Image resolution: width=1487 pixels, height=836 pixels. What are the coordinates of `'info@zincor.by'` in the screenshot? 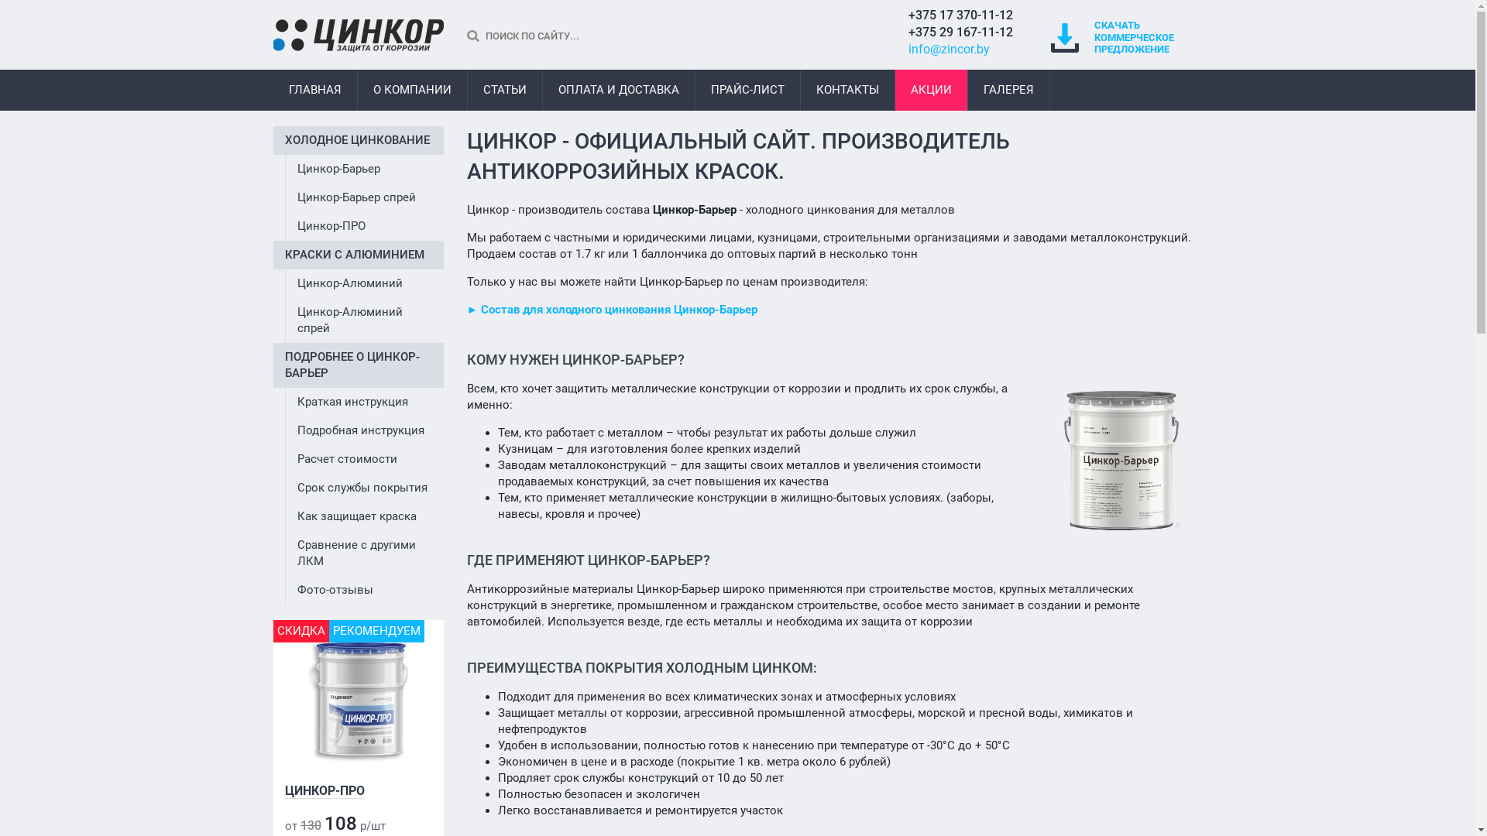 It's located at (947, 48).